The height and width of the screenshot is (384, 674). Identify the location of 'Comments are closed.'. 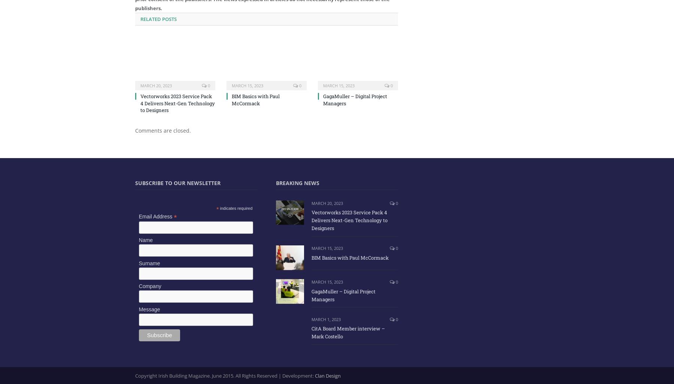
(163, 130).